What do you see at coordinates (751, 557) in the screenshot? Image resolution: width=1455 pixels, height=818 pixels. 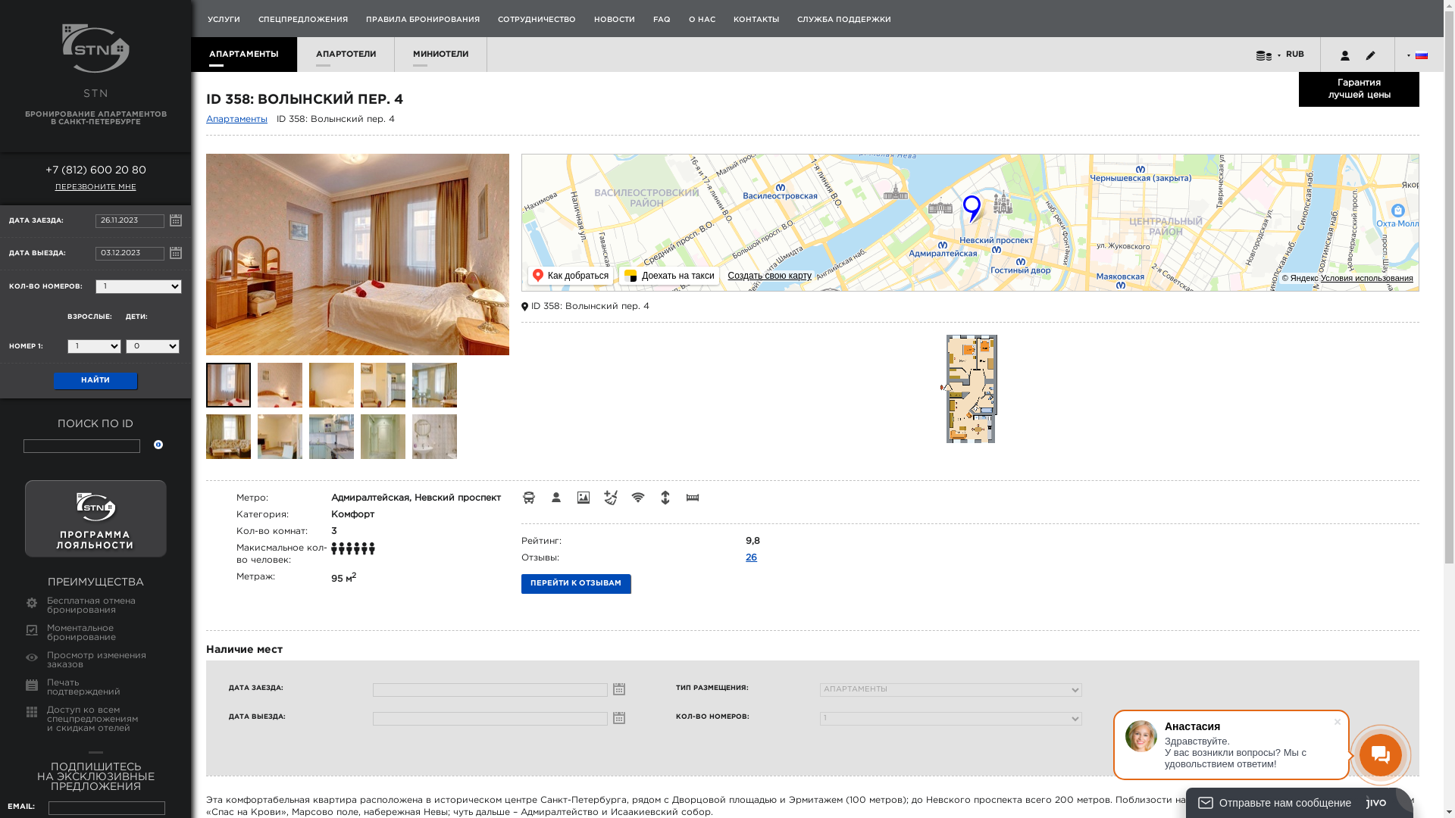 I see `'26'` at bounding box center [751, 557].